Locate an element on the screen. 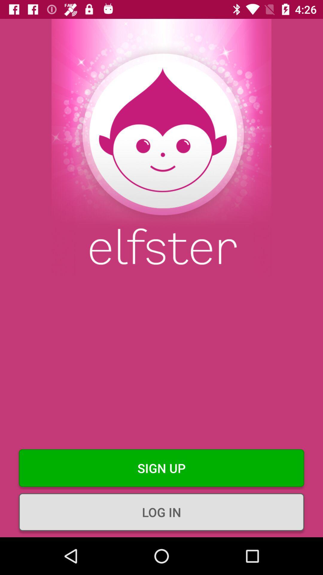  item below sign up is located at coordinates (161, 512).